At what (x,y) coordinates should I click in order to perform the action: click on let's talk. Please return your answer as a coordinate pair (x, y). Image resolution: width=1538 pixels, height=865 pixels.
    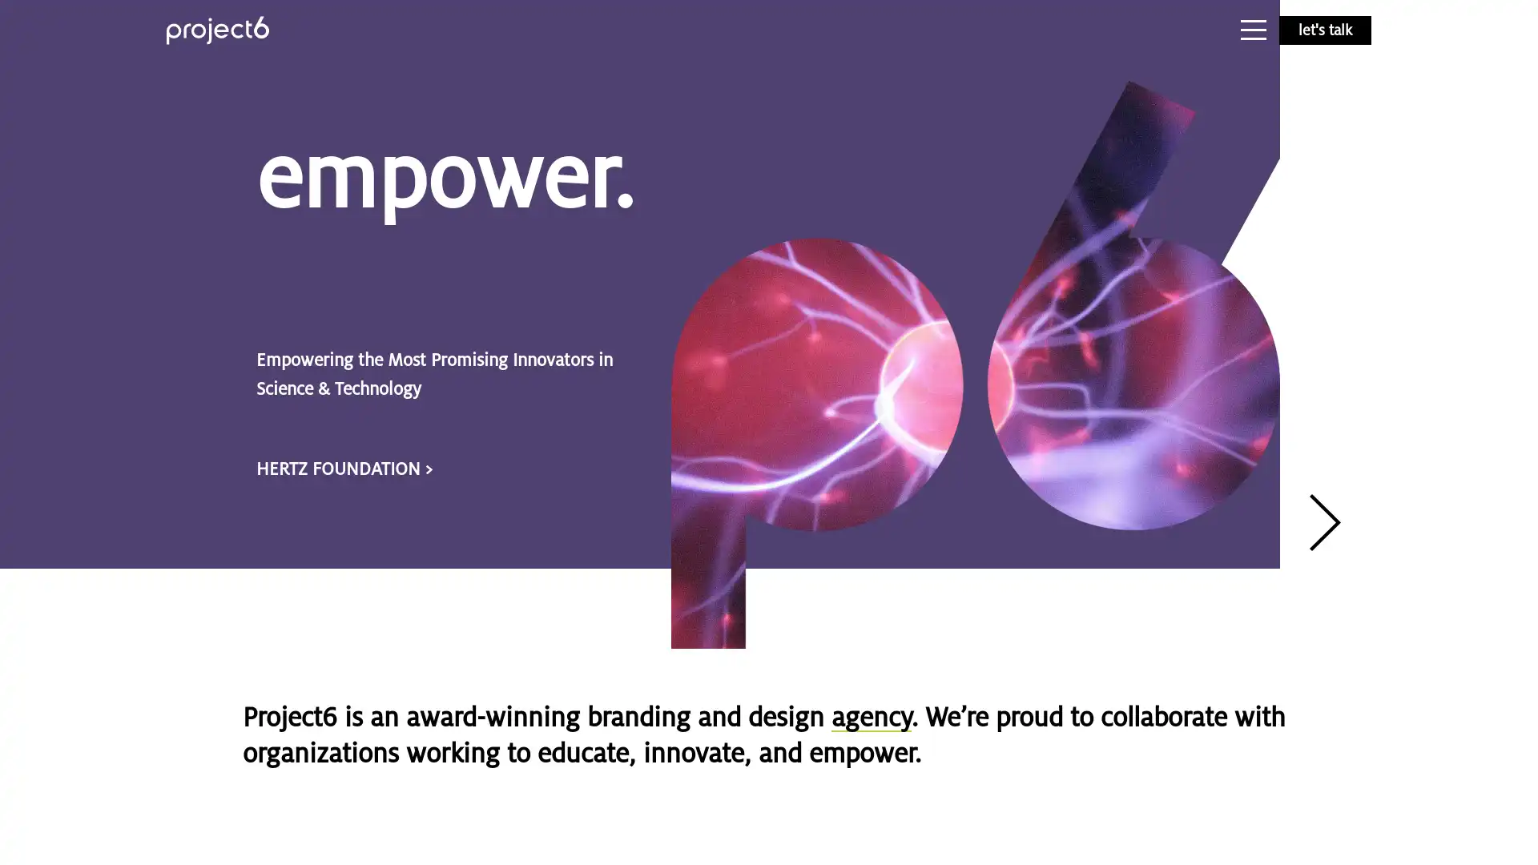
    Looking at the image, I should click on (1325, 30).